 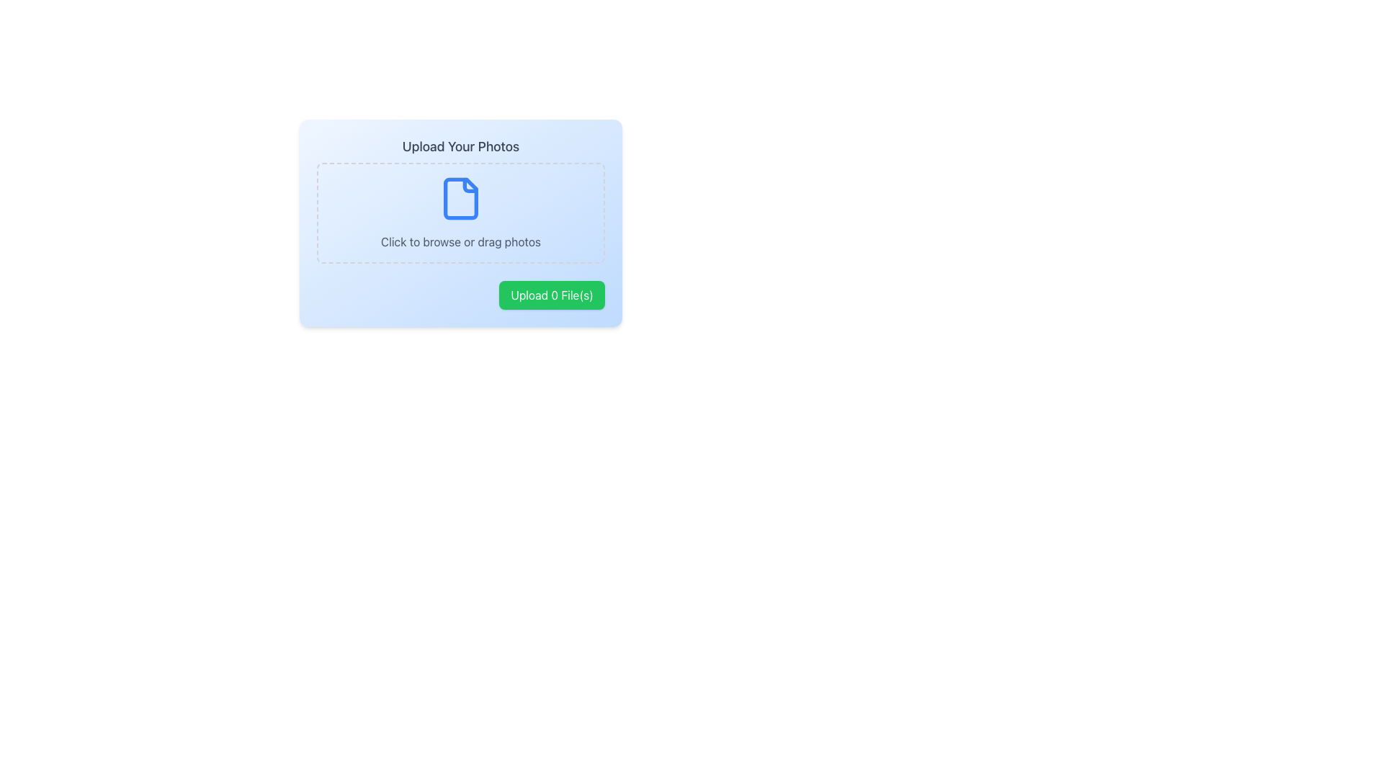 I want to click on the light blue rectangular shape with rounded edges that is part of the file icon in the upload area, so click(x=460, y=197).